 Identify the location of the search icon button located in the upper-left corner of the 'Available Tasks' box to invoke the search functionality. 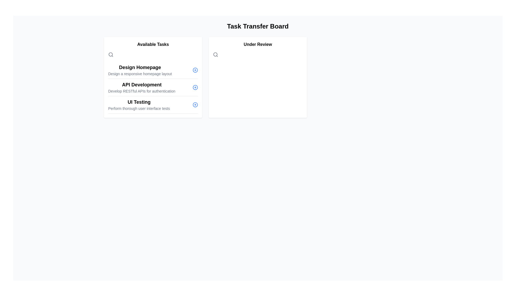
(110, 54).